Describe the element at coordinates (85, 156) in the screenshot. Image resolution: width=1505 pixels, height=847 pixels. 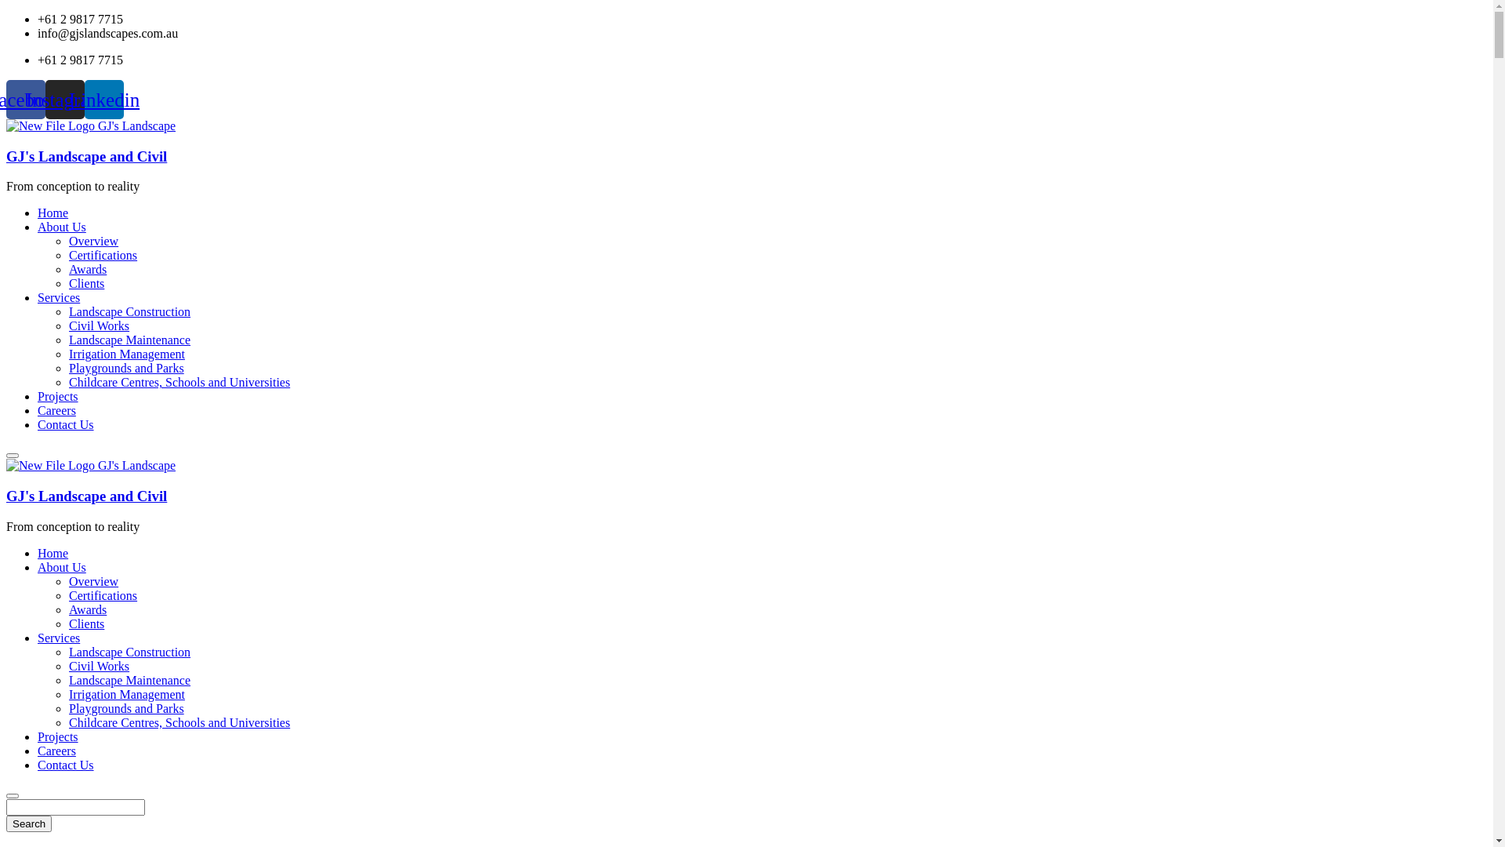
I see `'GJ's Landscape and Civil'` at that location.